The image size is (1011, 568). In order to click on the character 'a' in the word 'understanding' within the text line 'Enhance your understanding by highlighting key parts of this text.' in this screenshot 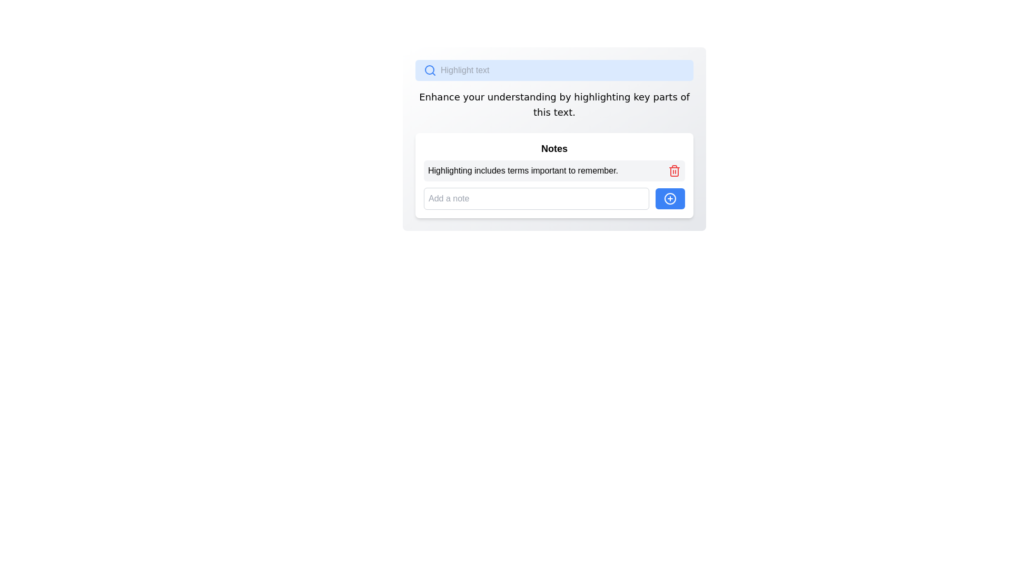, I will do `click(527, 97)`.